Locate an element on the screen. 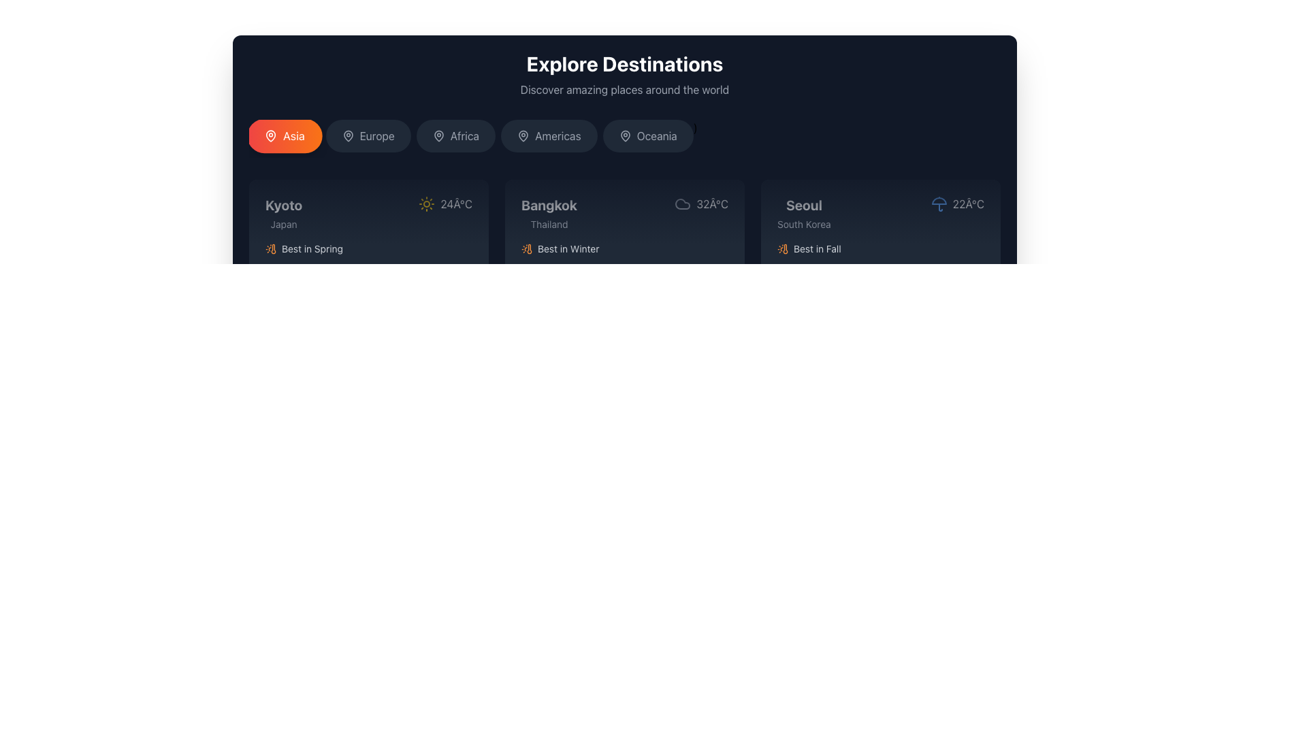  the decorative icon associated with the 'Asia' button, which is located on the leftmost side of the horizontal group of region buttons is located at coordinates (271, 136).